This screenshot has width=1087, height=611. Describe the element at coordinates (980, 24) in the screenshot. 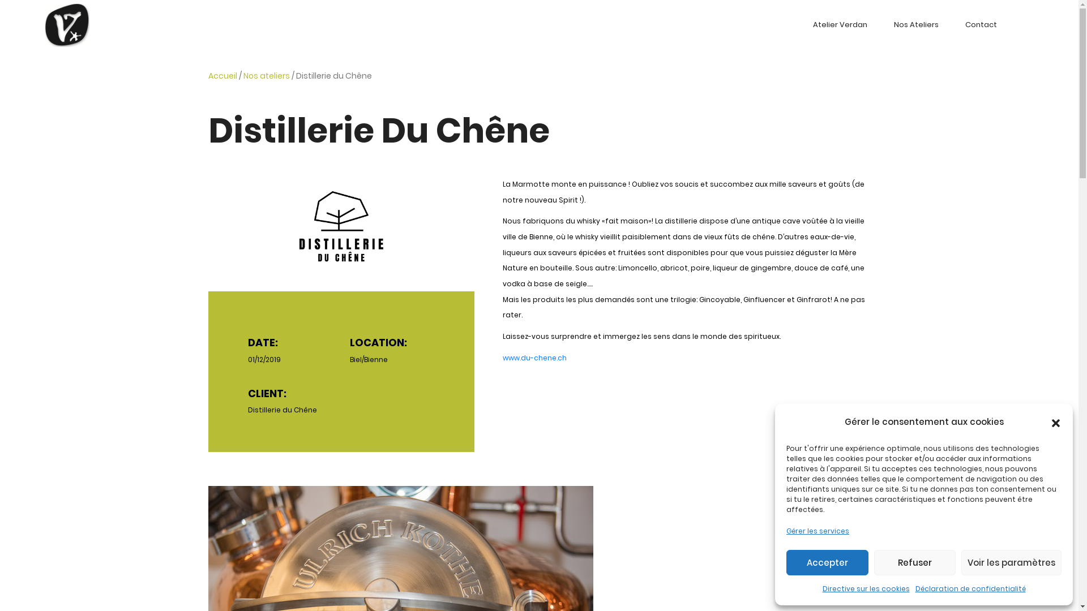

I see `'Contact'` at that location.